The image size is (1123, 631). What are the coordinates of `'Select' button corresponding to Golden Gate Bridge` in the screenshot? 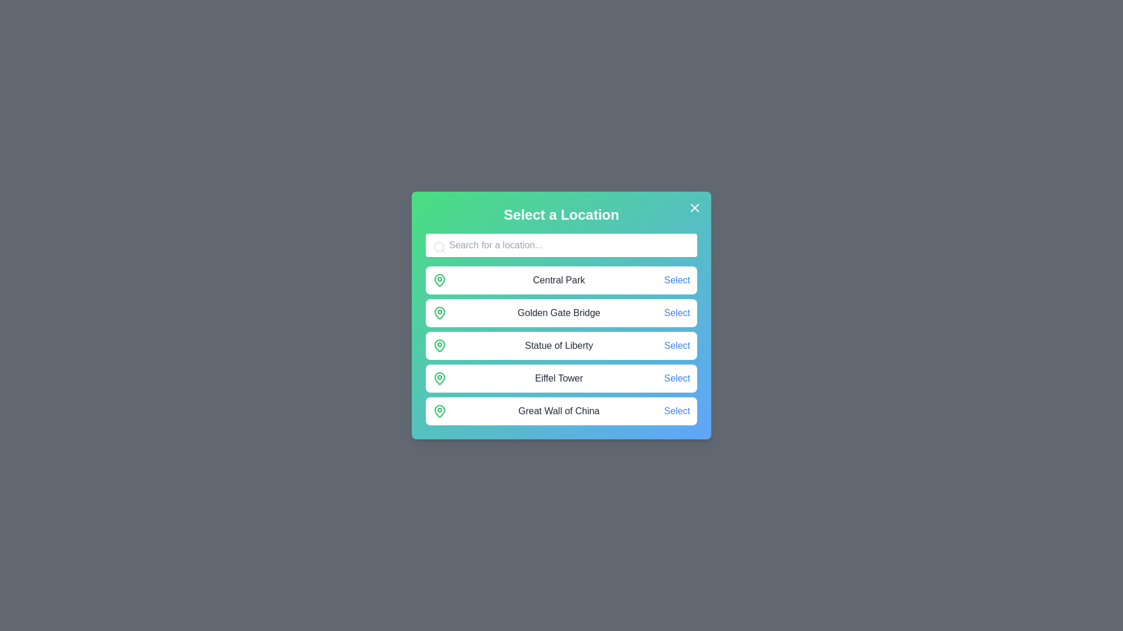 It's located at (677, 313).